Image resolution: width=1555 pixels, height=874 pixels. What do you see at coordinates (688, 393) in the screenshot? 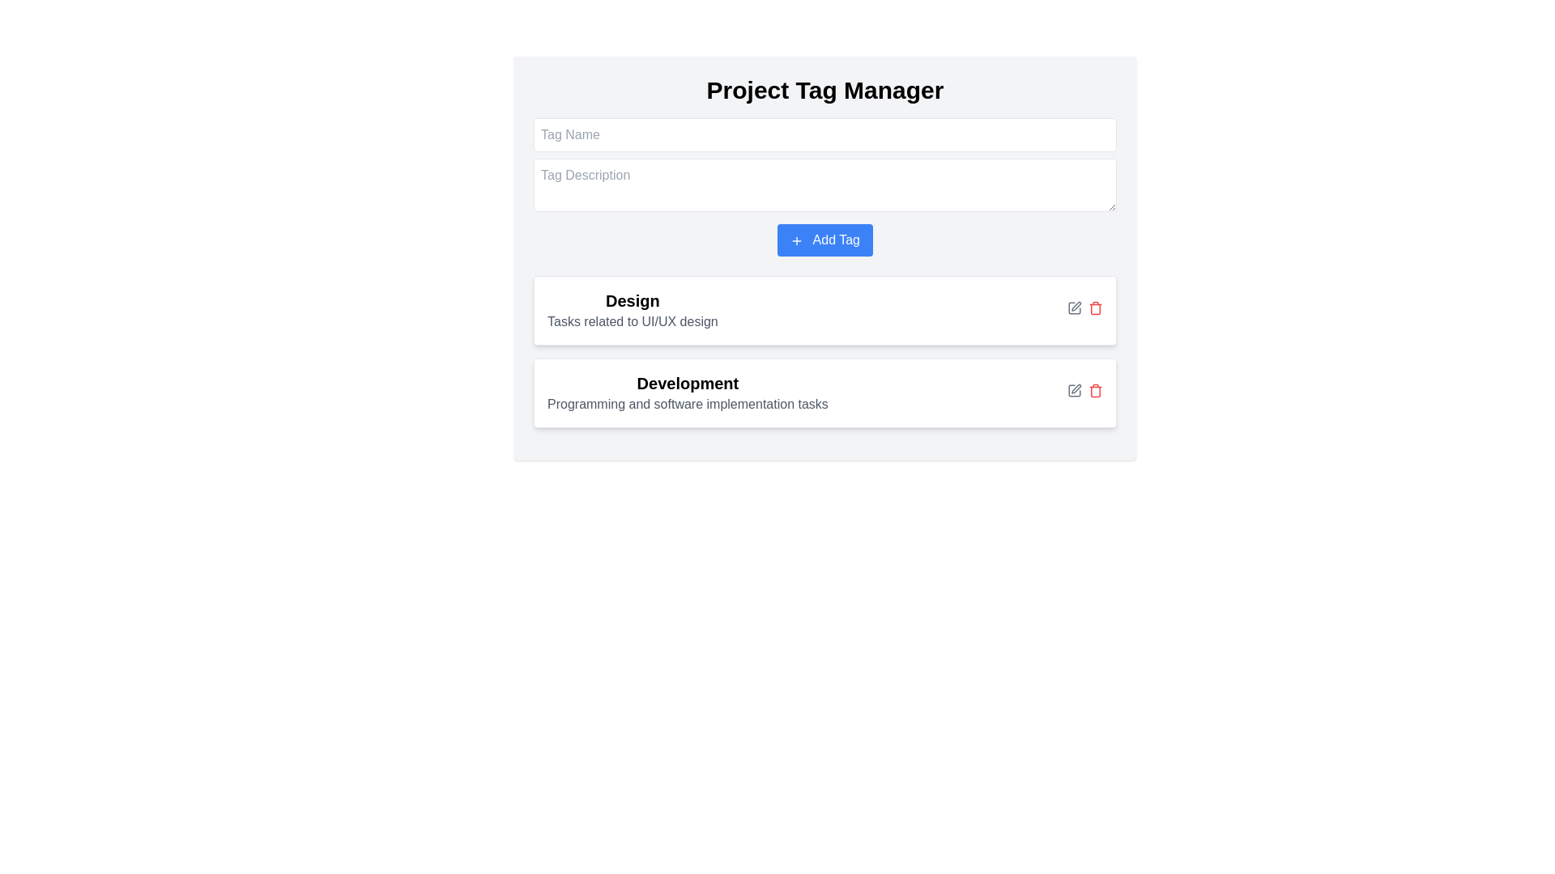
I see `the 'Development' text label which provides context for programming and software implementation tasks, located in the 'Design' section above two interactive icons` at bounding box center [688, 393].